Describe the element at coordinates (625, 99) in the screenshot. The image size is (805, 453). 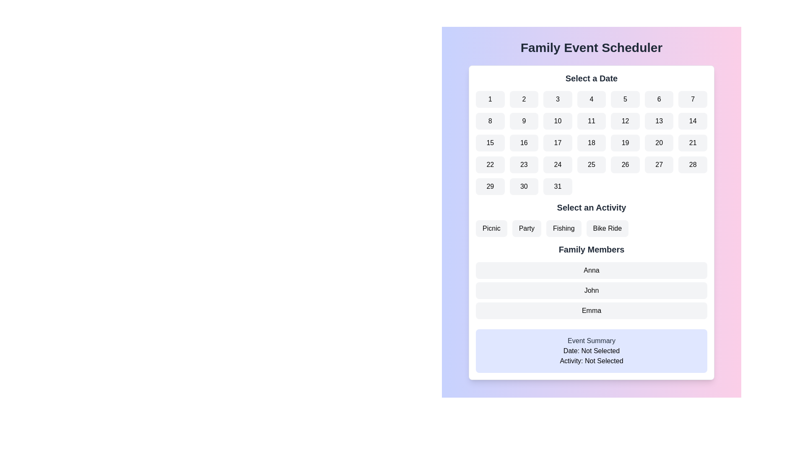
I see `the date selection button for '5' located in the first row, fifth column of the grid under the 'Select a Date' heading` at that location.